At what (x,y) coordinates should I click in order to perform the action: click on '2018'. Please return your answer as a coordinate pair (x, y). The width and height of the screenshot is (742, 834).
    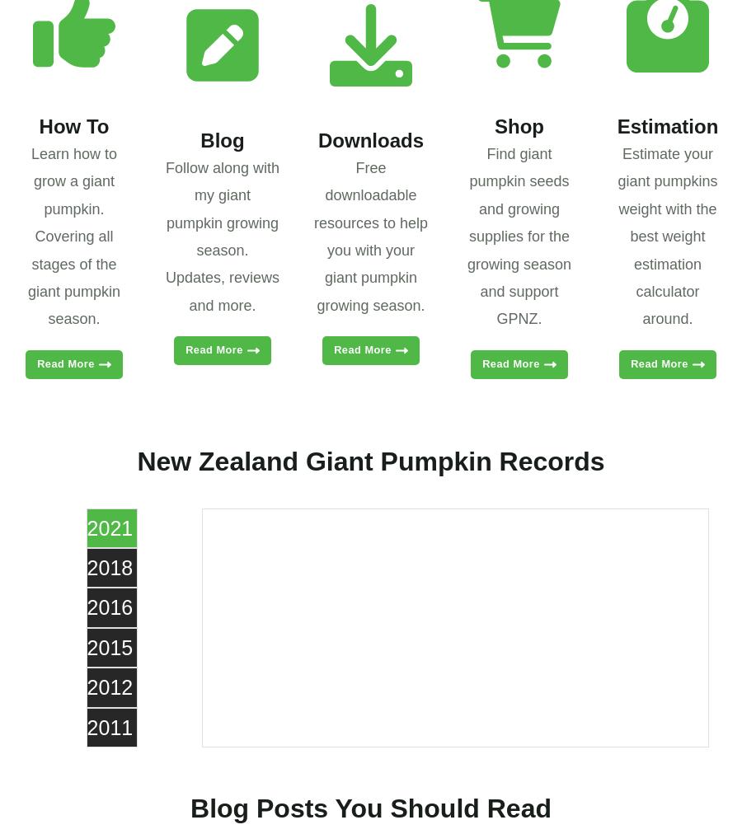
    Looking at the image, I should click on (86, 566).